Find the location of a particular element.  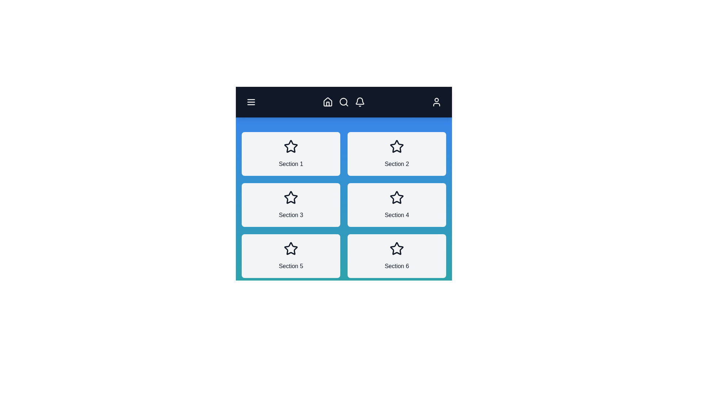

the search icon to initiate a search is located at coordinates (343, 102).